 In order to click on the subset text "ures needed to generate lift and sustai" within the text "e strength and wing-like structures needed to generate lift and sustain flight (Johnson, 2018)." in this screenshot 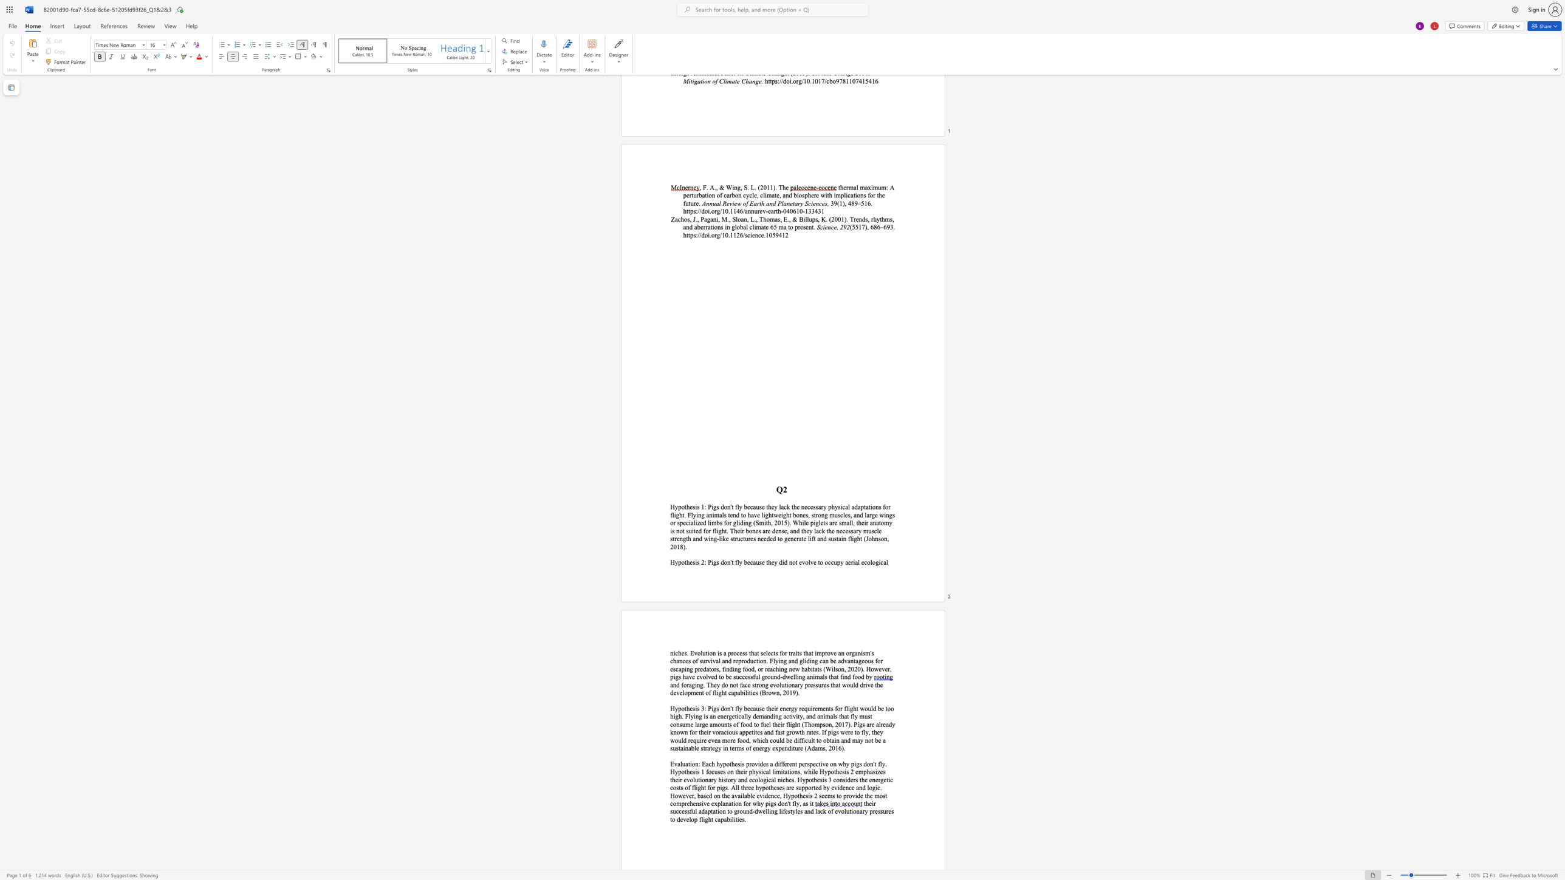, I will do `click(745, 539)`.